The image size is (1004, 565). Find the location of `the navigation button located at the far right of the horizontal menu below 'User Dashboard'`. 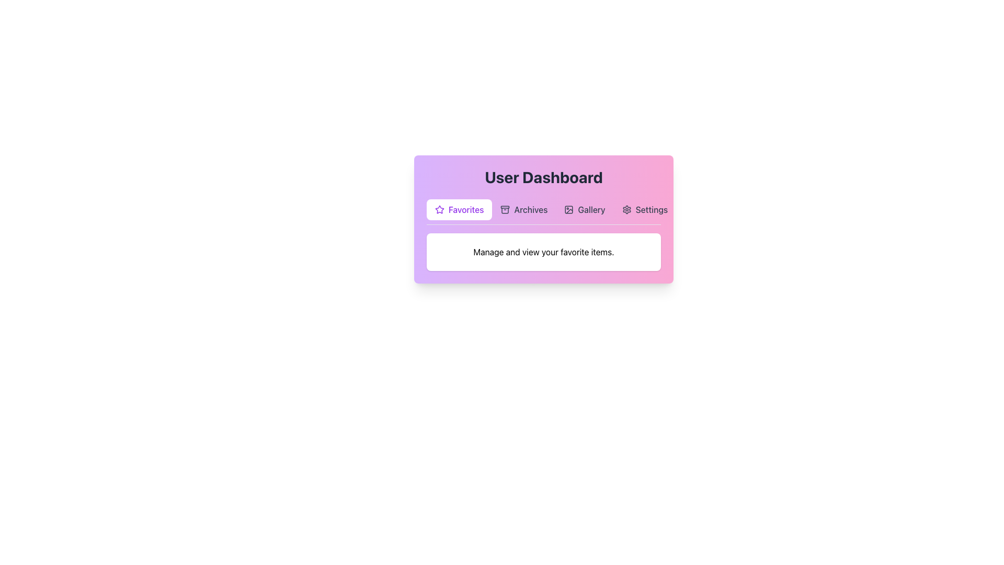

the navigation button located at the far right of the horizontal menu below 'User Dashboard' is located at coordinates (644, 210).